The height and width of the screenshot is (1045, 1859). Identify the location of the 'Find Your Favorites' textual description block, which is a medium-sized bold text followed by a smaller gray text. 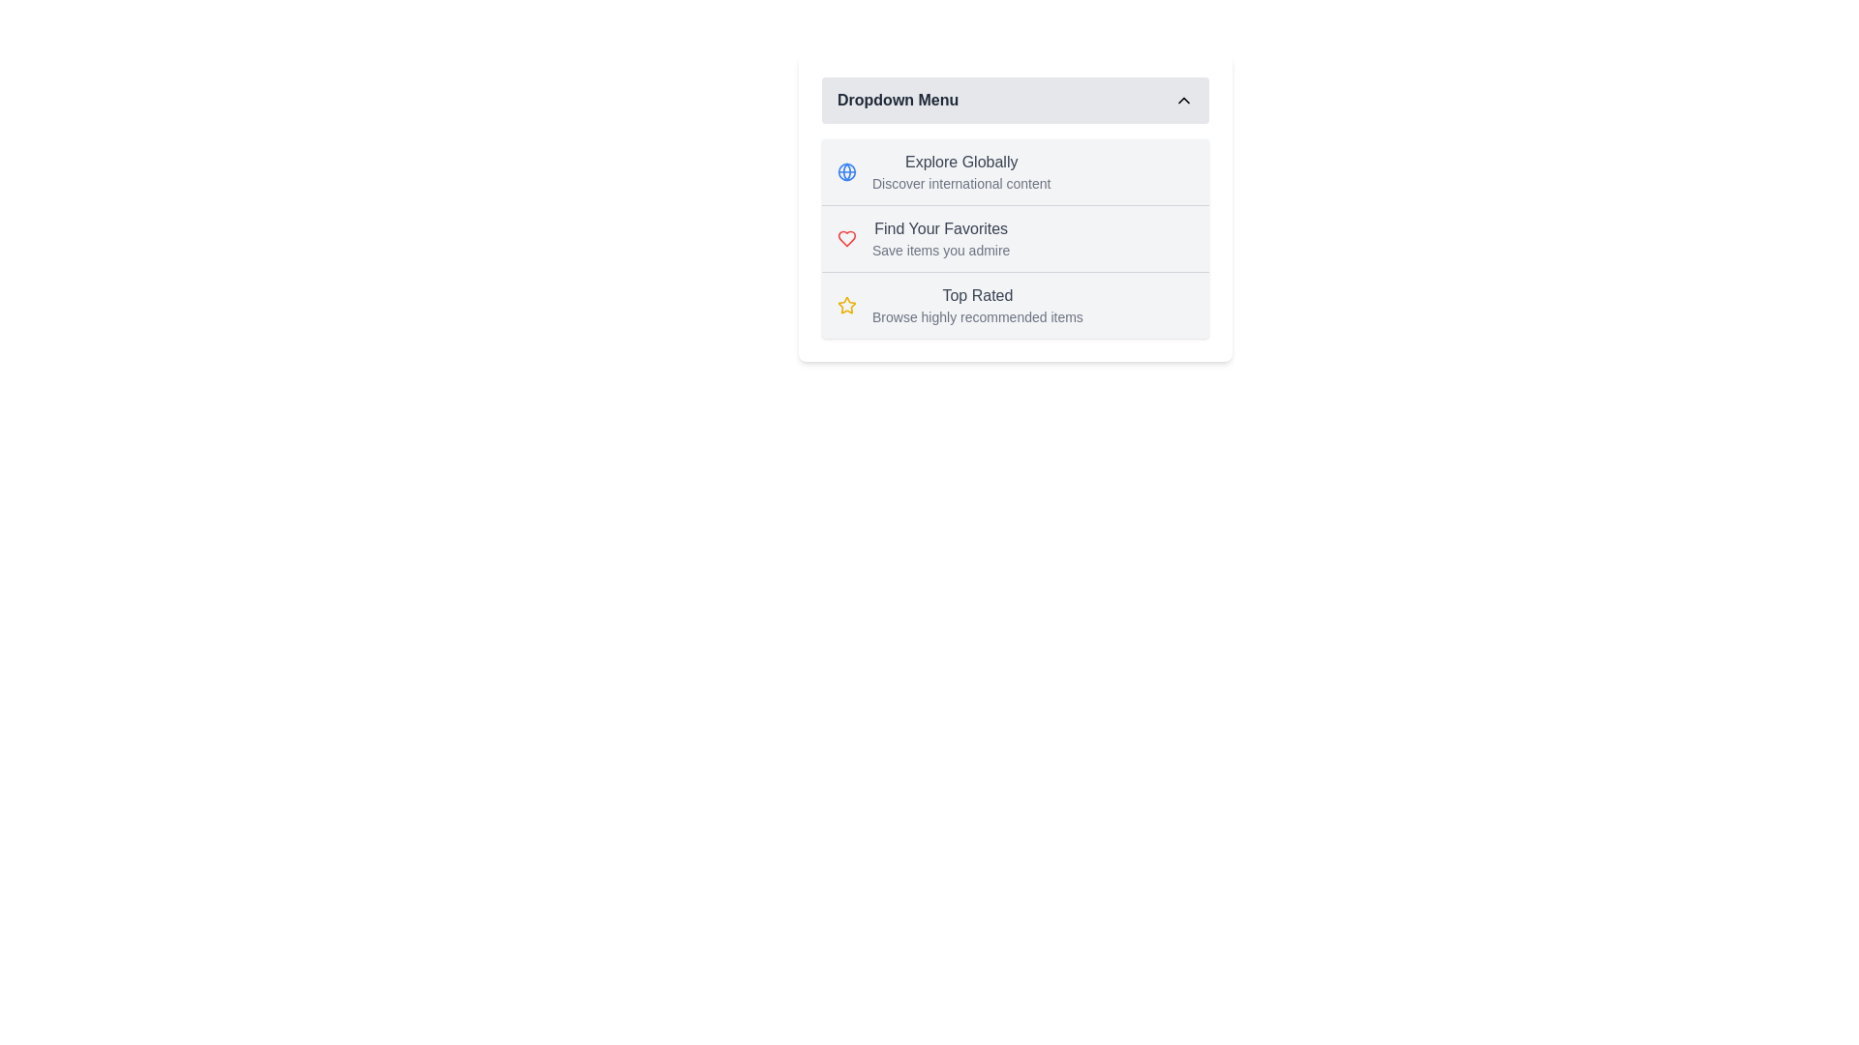
(940, 237).